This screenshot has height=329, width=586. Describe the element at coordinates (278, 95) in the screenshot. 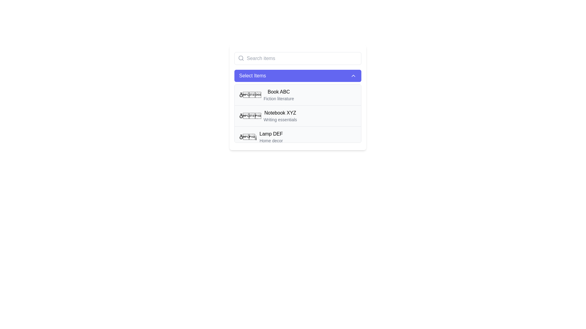

I see `the list item displaying 'Book ABC' with the description 'Fiction literature'` at that location.